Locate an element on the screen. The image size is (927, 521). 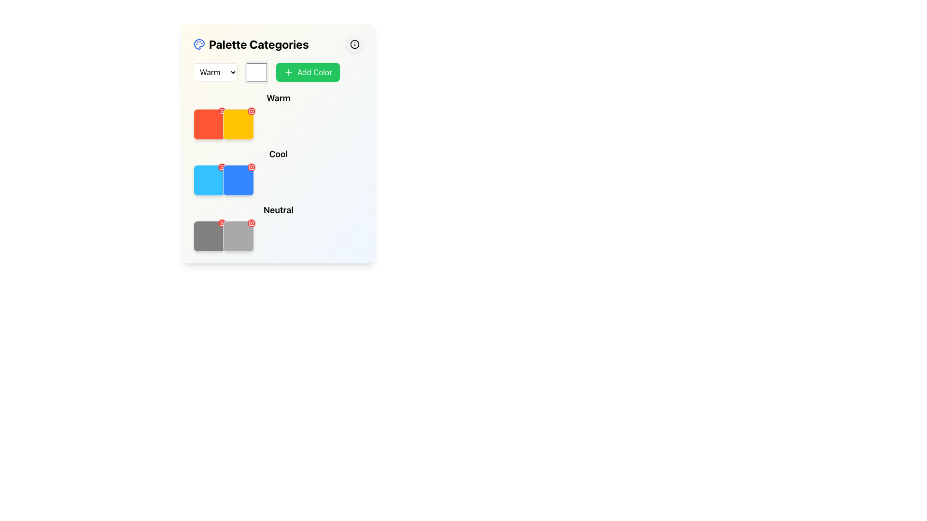
the plus icon in the 'Add Color' button located in the upper-right section of the 'Palette Categories' panel is located at coordinates (288, 72).